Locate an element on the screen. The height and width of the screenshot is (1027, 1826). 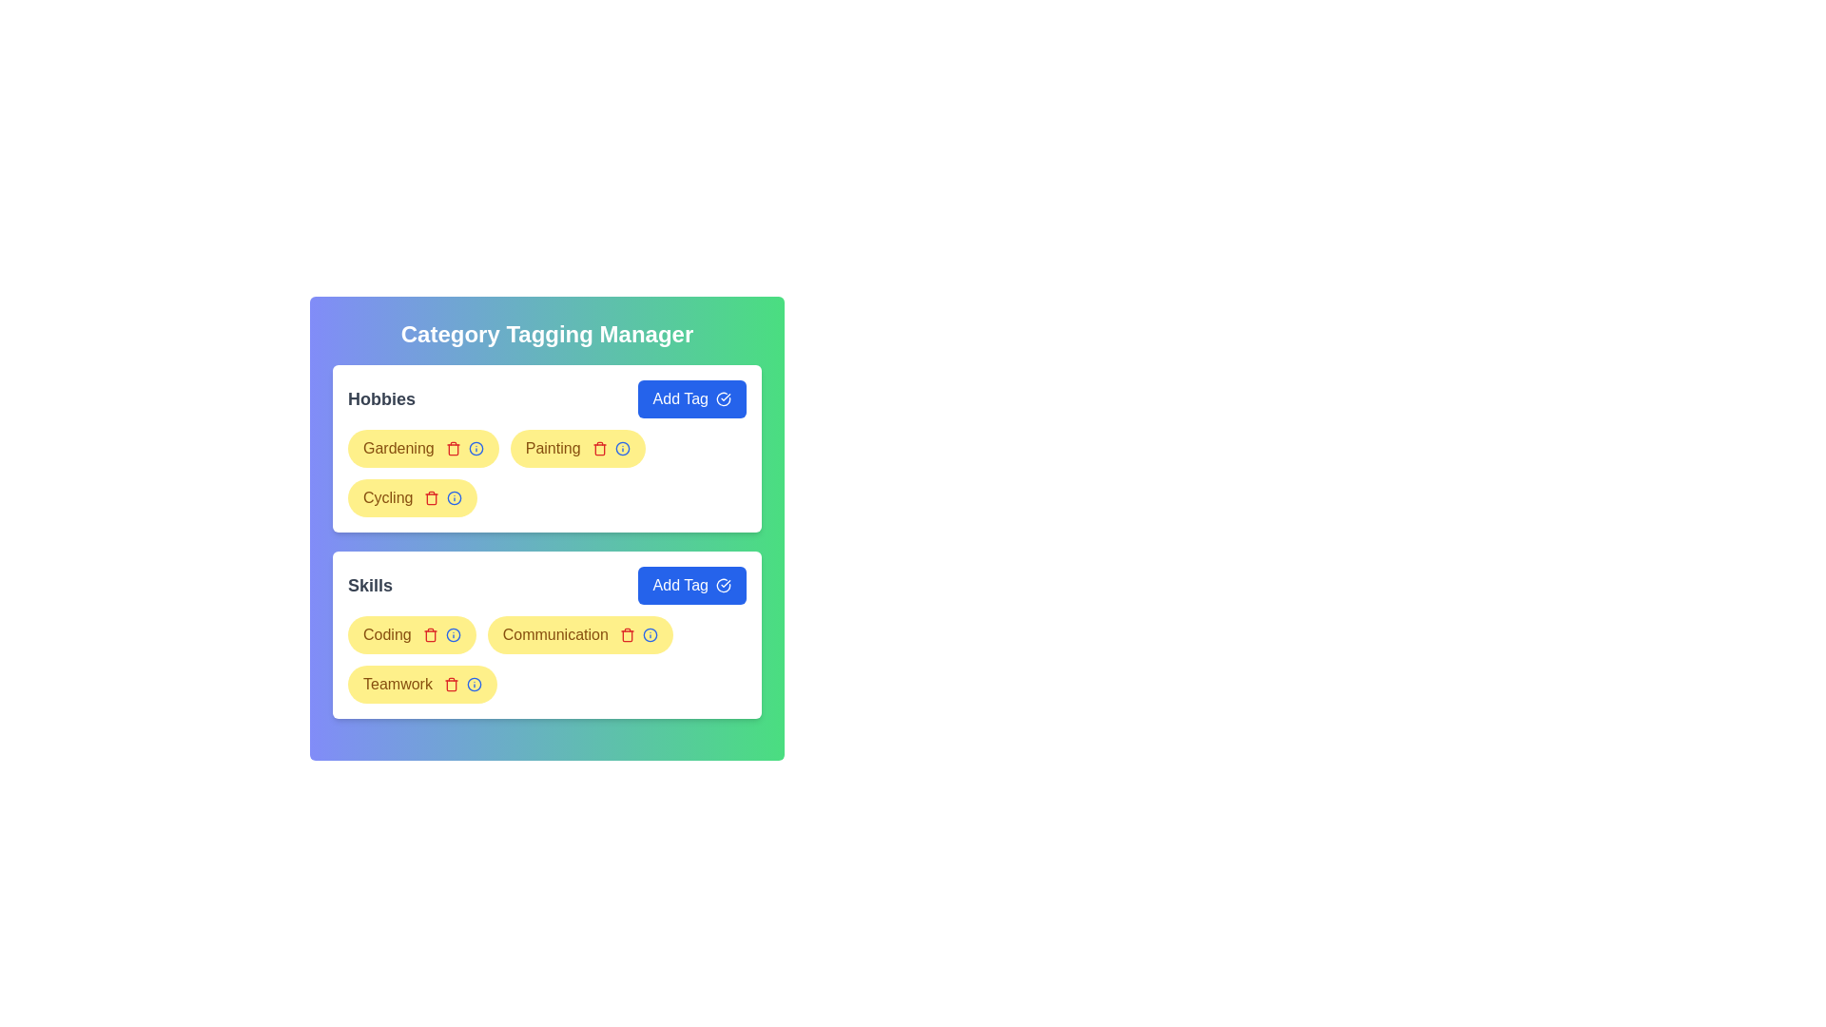
the 'Coding' tag with a yellow background and attached icons is located at coordinates (411, 634).